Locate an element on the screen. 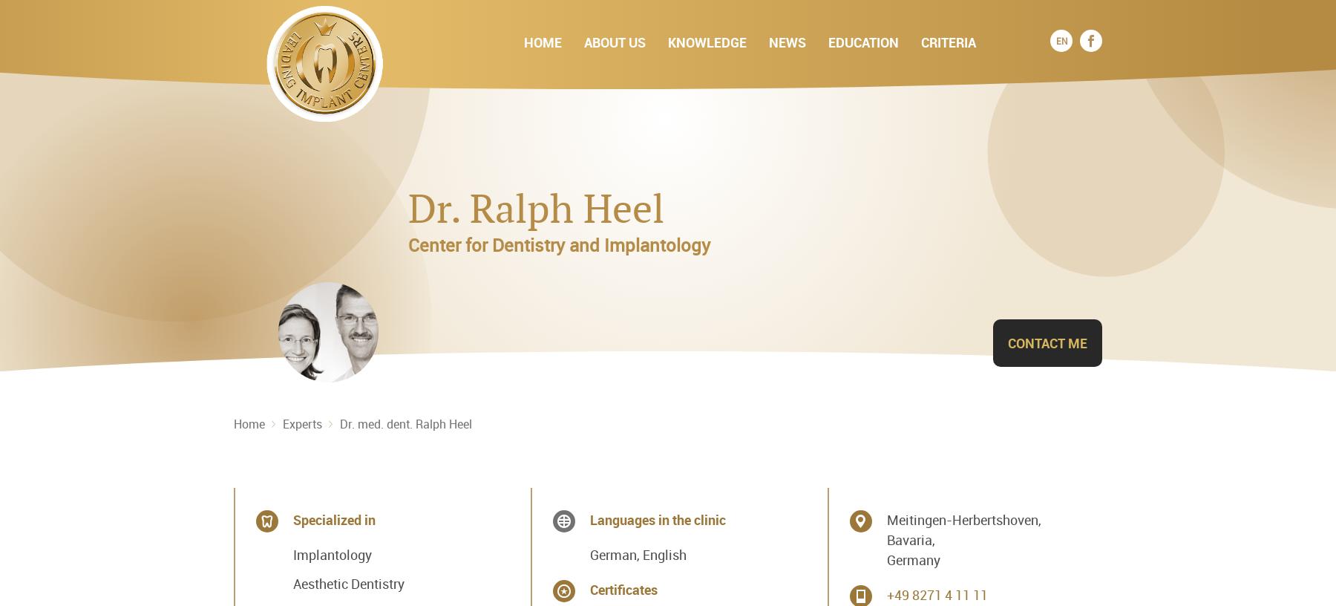  'Center for Dentistry and Implantology' is located at coordinates (558, 244).